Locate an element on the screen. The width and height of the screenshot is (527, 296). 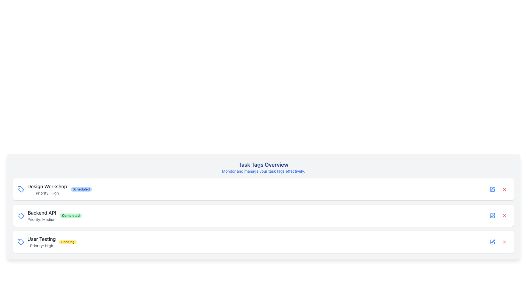
the small blue pen button located to the right of the first item in the vertical list to initiate an edit action is located at coordinates (492, 189).